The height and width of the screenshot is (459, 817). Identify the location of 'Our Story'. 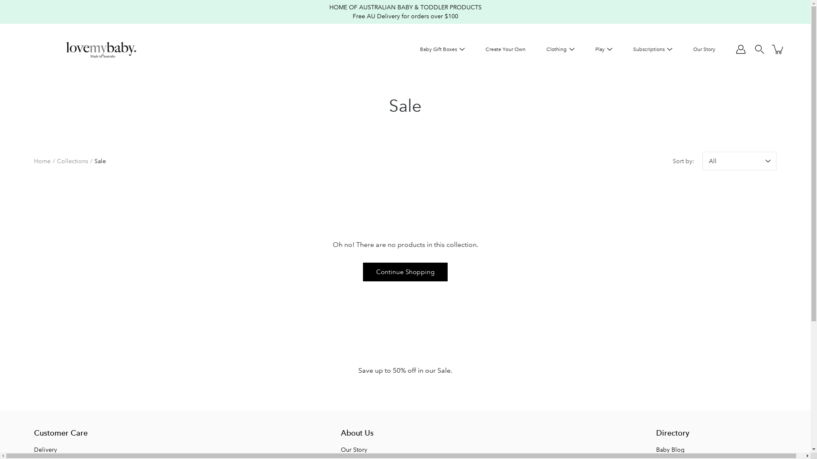
(340, 449).